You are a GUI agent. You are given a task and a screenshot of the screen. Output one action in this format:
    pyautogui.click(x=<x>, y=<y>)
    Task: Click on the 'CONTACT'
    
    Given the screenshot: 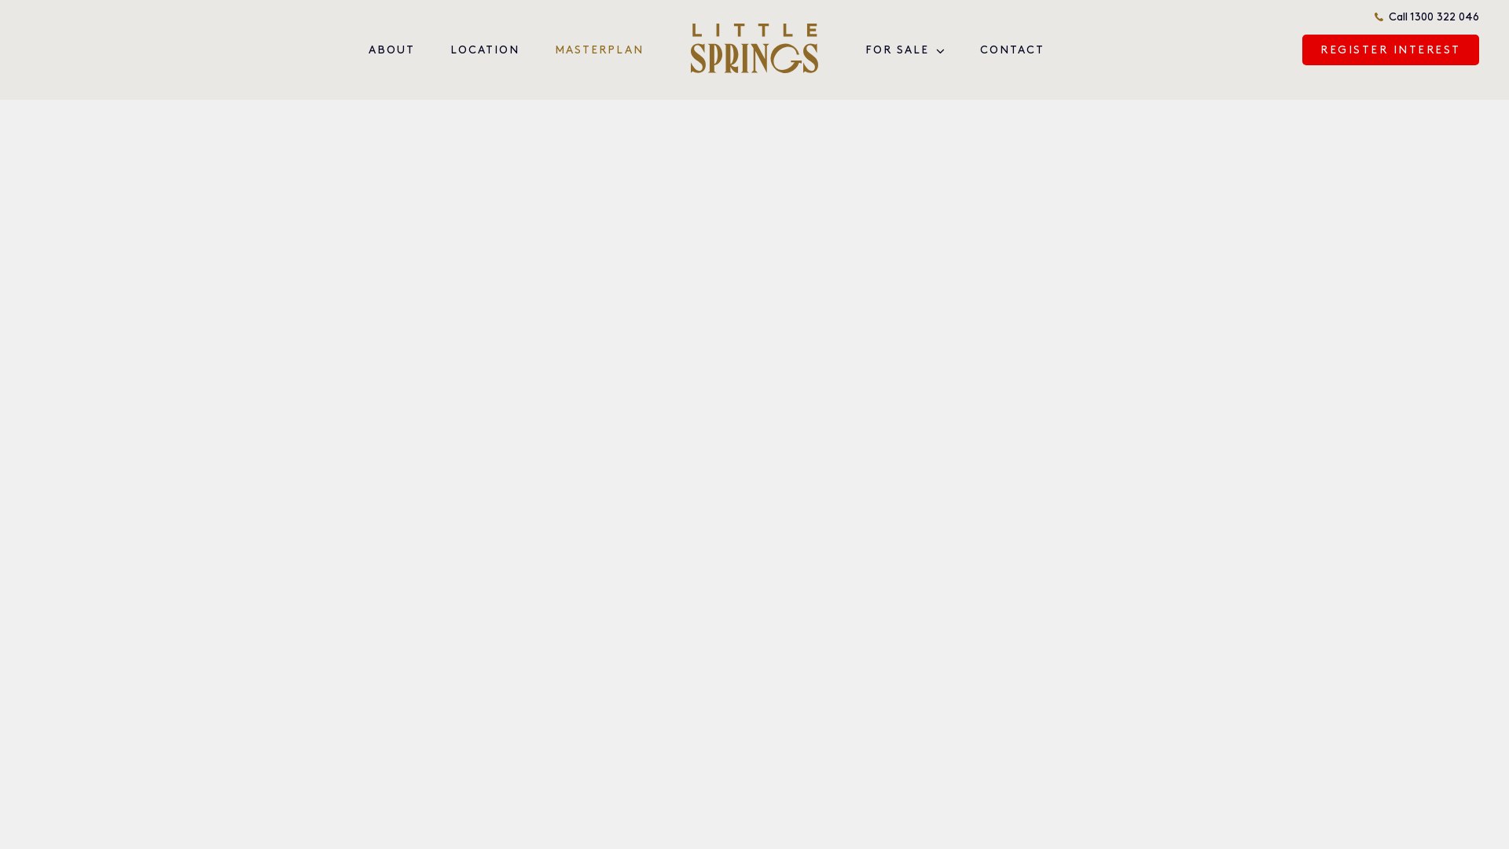 What is the action you would take?
    pyautogui.click(x=1012, y=50)
    